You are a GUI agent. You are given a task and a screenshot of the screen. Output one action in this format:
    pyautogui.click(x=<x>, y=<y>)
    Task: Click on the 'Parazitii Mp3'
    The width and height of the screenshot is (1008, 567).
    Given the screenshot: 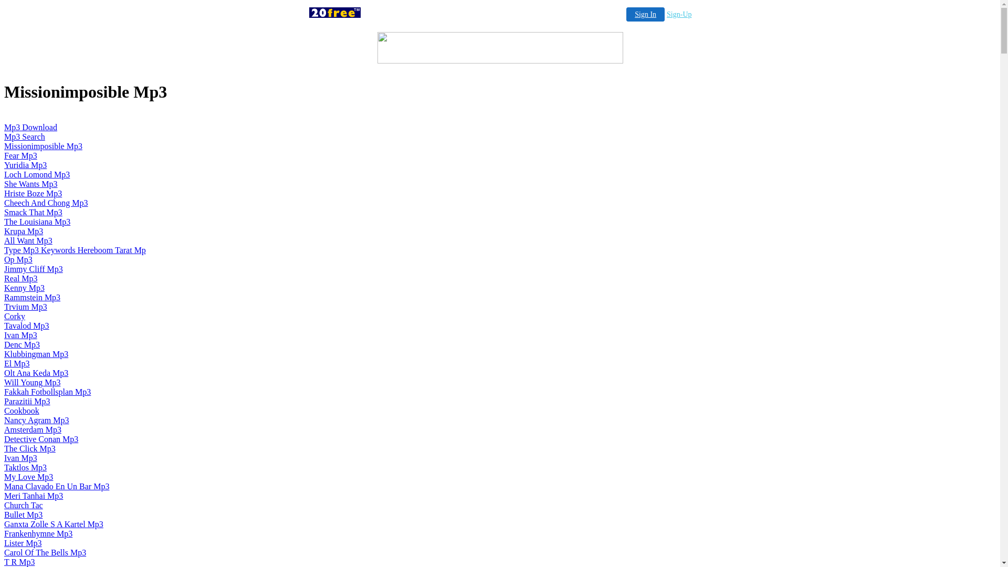 What is the action you would take?
    pyautogui.click(x=4, y=401)
    